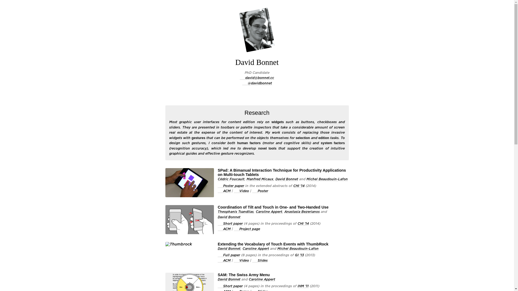 The width and height of the screenshot is (518, 291). What do you see at coordinates (302, 212) in the screenshot?
I see `'Anastasia Bezerianos'` at bounding box center [302, 212].